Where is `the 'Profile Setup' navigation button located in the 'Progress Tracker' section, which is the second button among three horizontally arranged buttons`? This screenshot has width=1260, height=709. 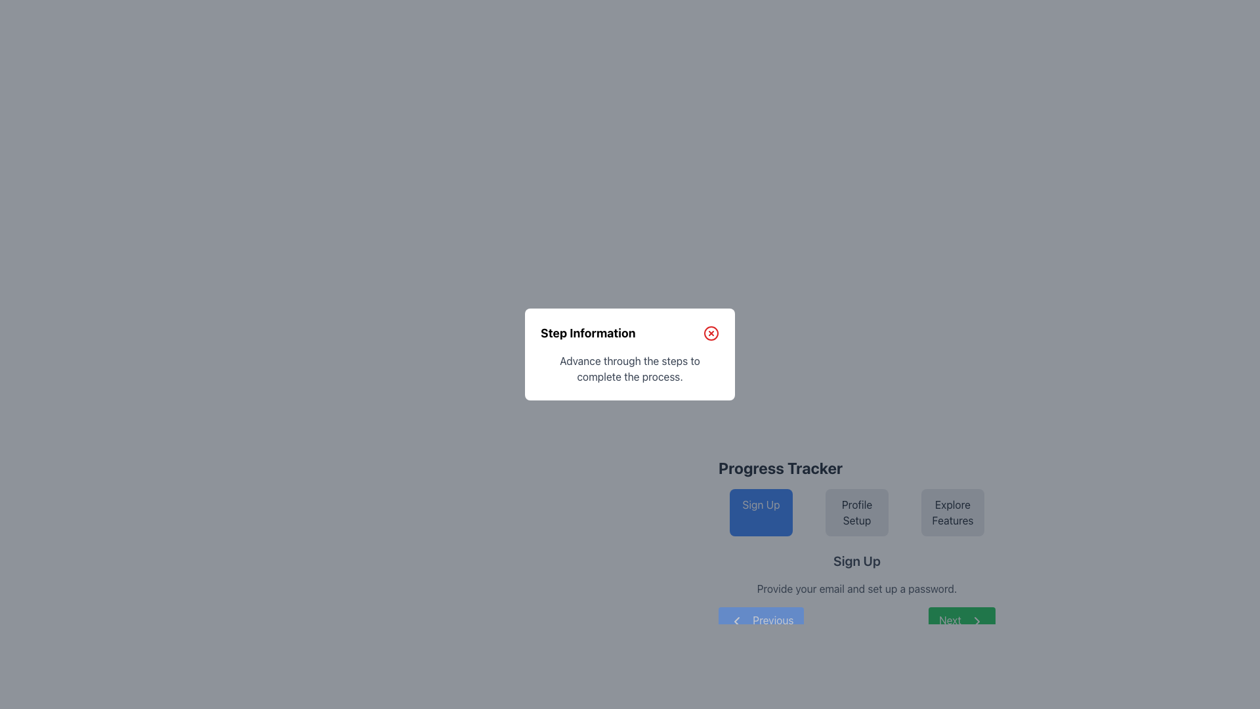 the 'Profile Setup' navigation button located in the 'Progress Tracker' section, which is the second button among three horizontally arranged buttons is located at coordinates (856, 511).